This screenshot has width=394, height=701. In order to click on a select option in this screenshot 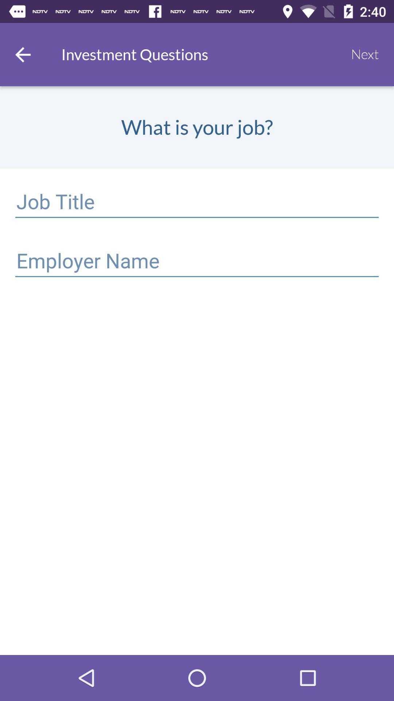, I will do `click(197, 262)`.